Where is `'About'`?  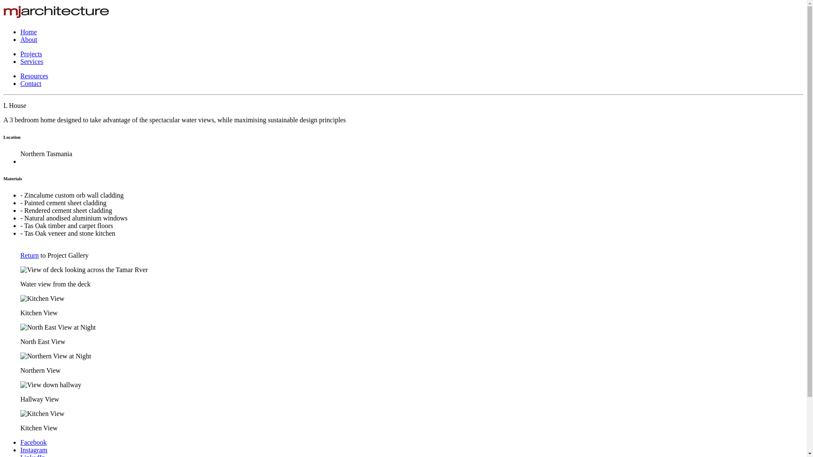
'About' is located at coordinates (28, 39).